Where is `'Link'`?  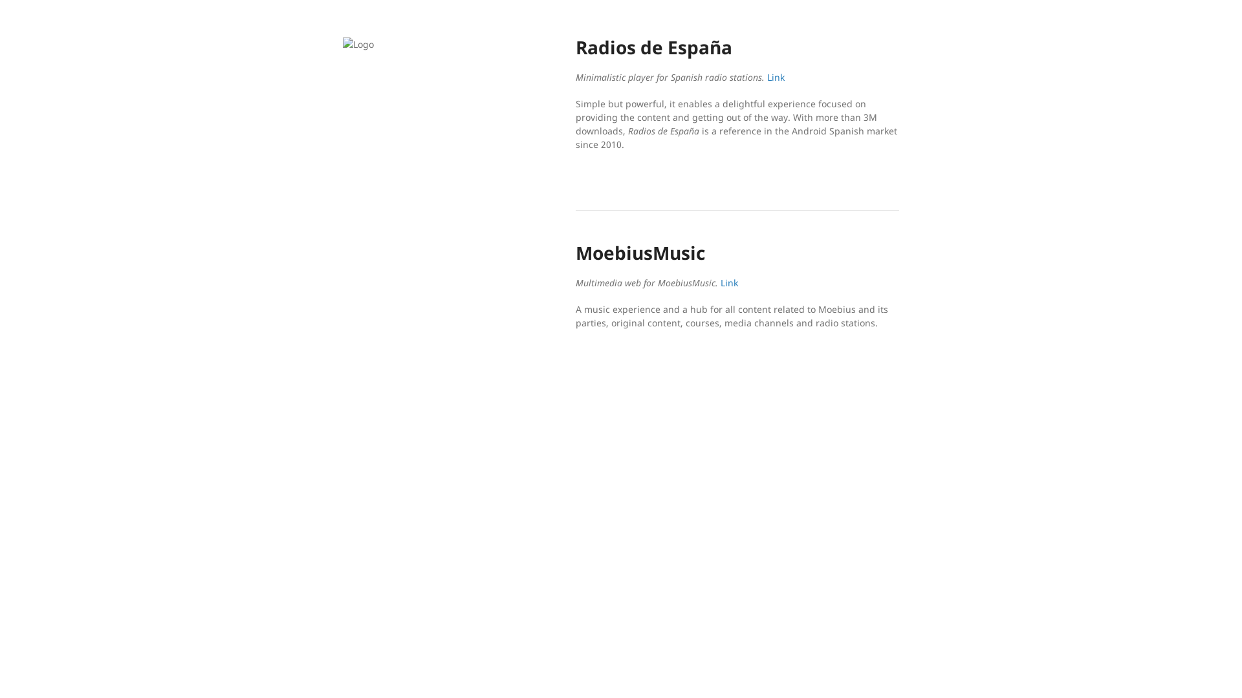 'Link' is located at coordinates (776, 77).